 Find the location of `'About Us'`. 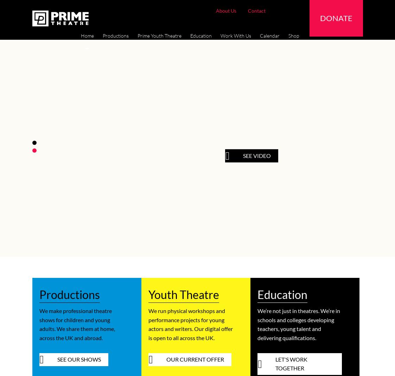

'About Us' is located at coordinates (226, 10).